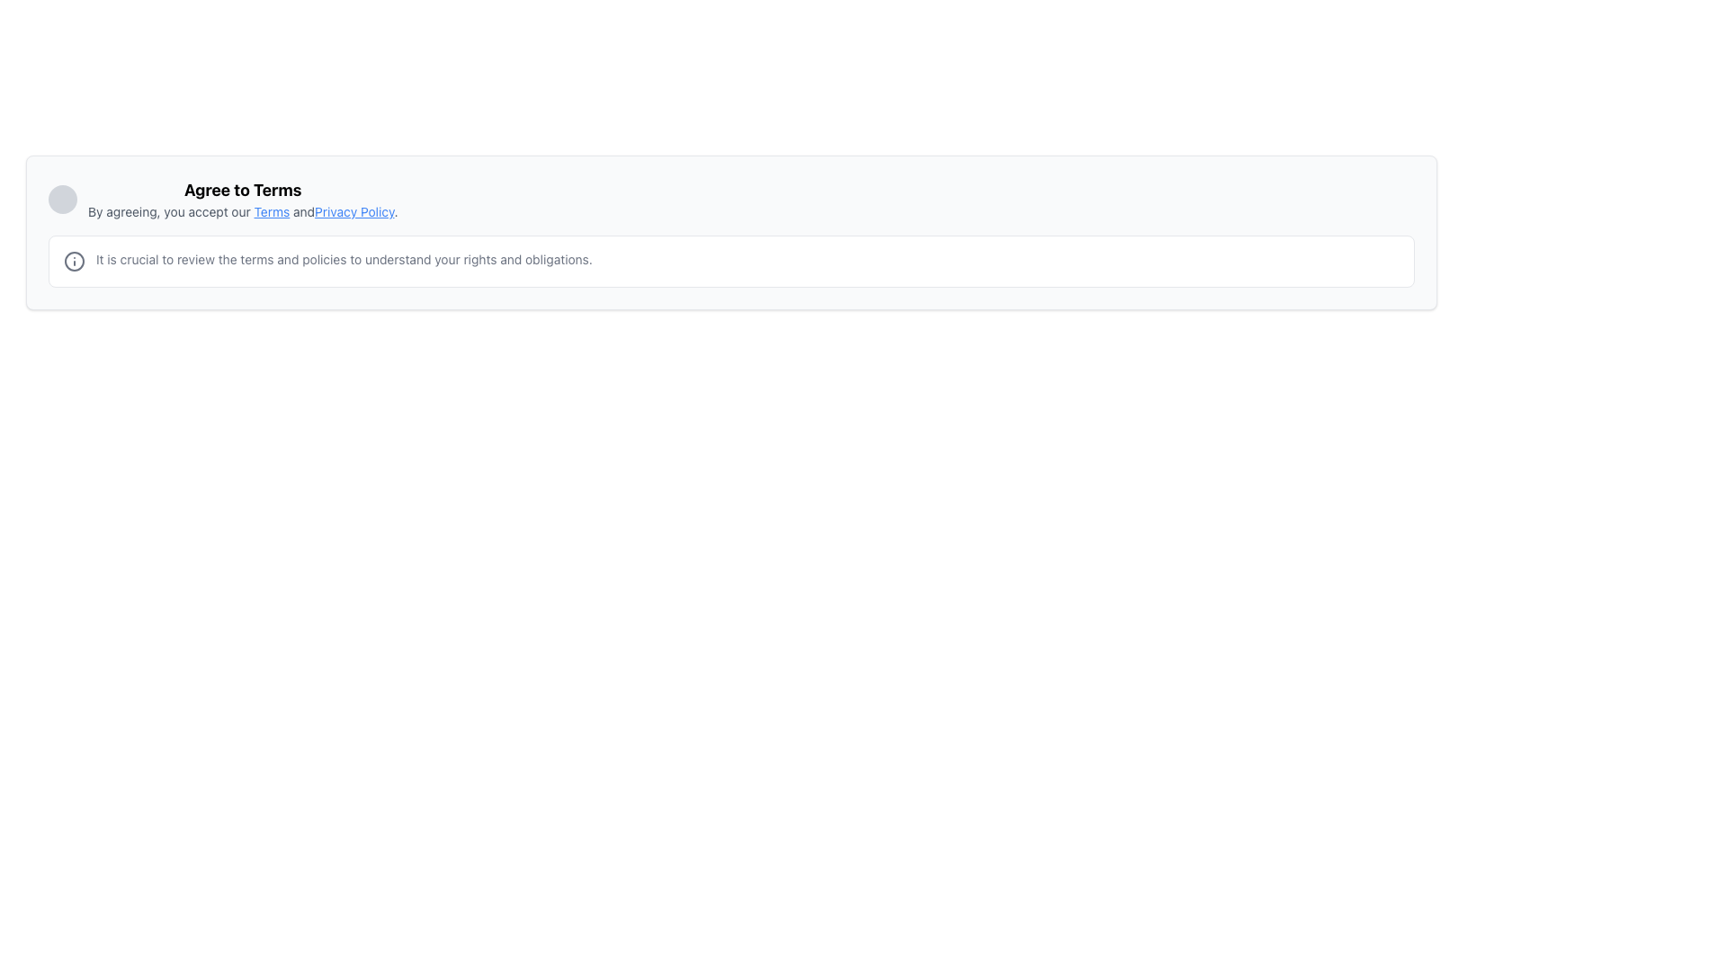 This screenshot has height=971, width=1727. What do you see at coordinates (63, 200) in the screenshot?
I see `the interactive graphic element (possibly a radio button) located at the top left corner of the grouping` at bounding box center [63, 200].